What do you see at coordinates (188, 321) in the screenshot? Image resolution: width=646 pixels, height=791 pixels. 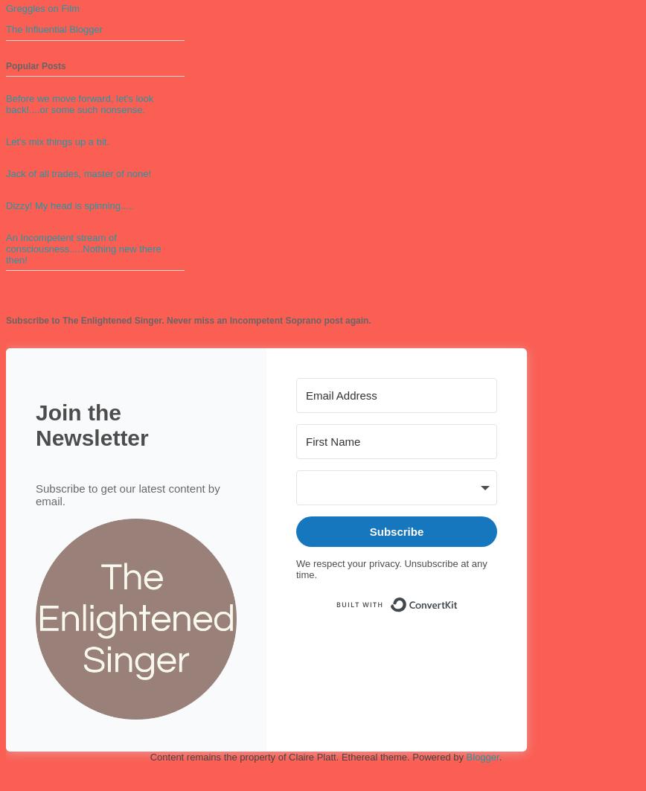 I see `'Subscribe to The Enlightened Singer. Never miss an Incompetent Soprano post again.'` at bounding box center [188, 321].